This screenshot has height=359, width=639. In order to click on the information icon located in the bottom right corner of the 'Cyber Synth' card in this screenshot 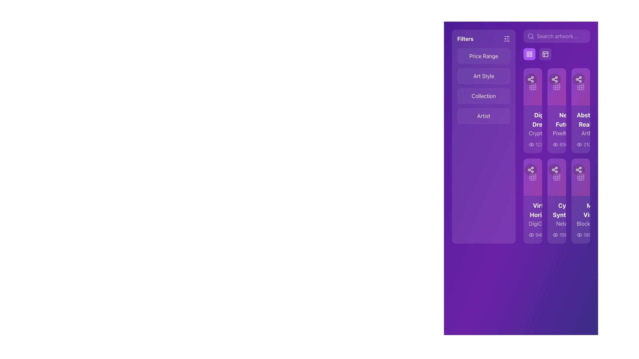, I will do `click(559, 234)`.